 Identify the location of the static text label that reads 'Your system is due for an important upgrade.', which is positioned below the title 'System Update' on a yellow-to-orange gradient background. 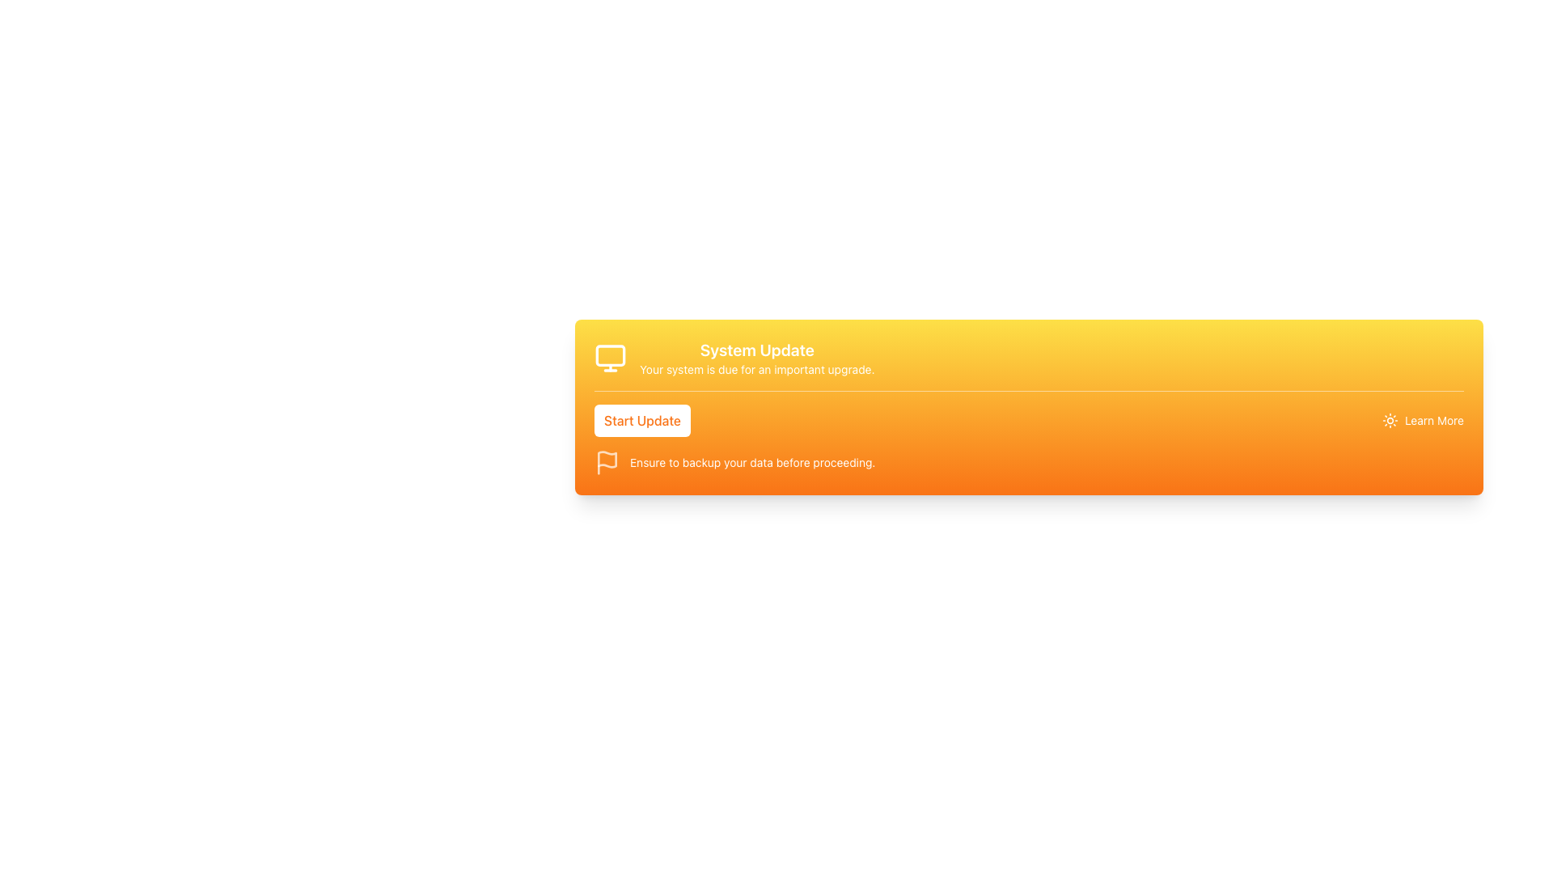
(756, 369).